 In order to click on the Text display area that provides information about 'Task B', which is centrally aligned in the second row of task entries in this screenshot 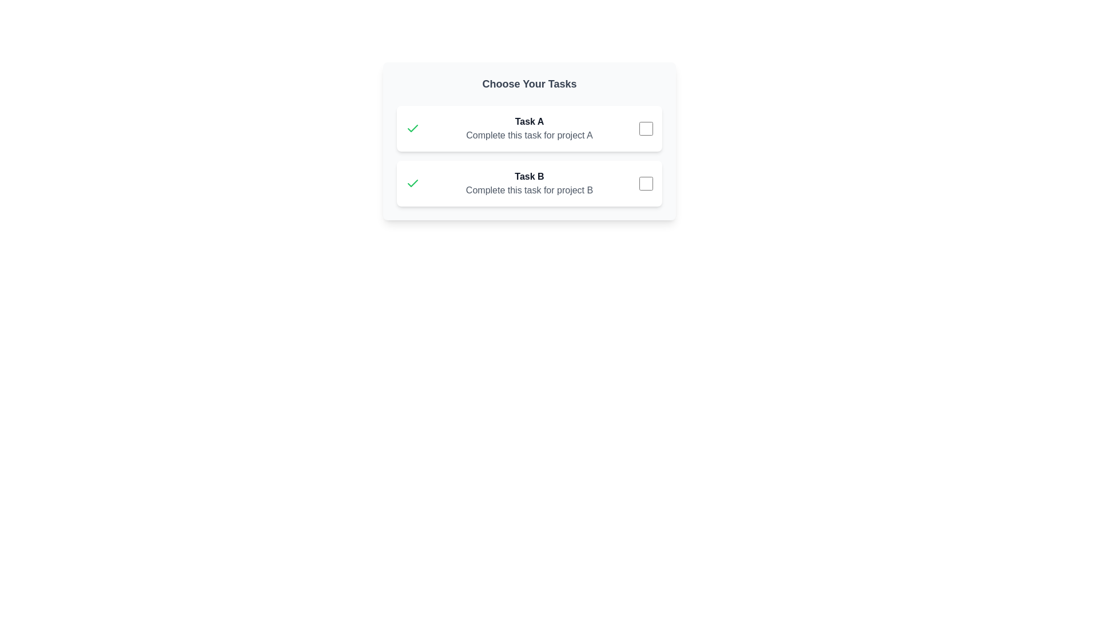, I will do `click(529, 183)`.